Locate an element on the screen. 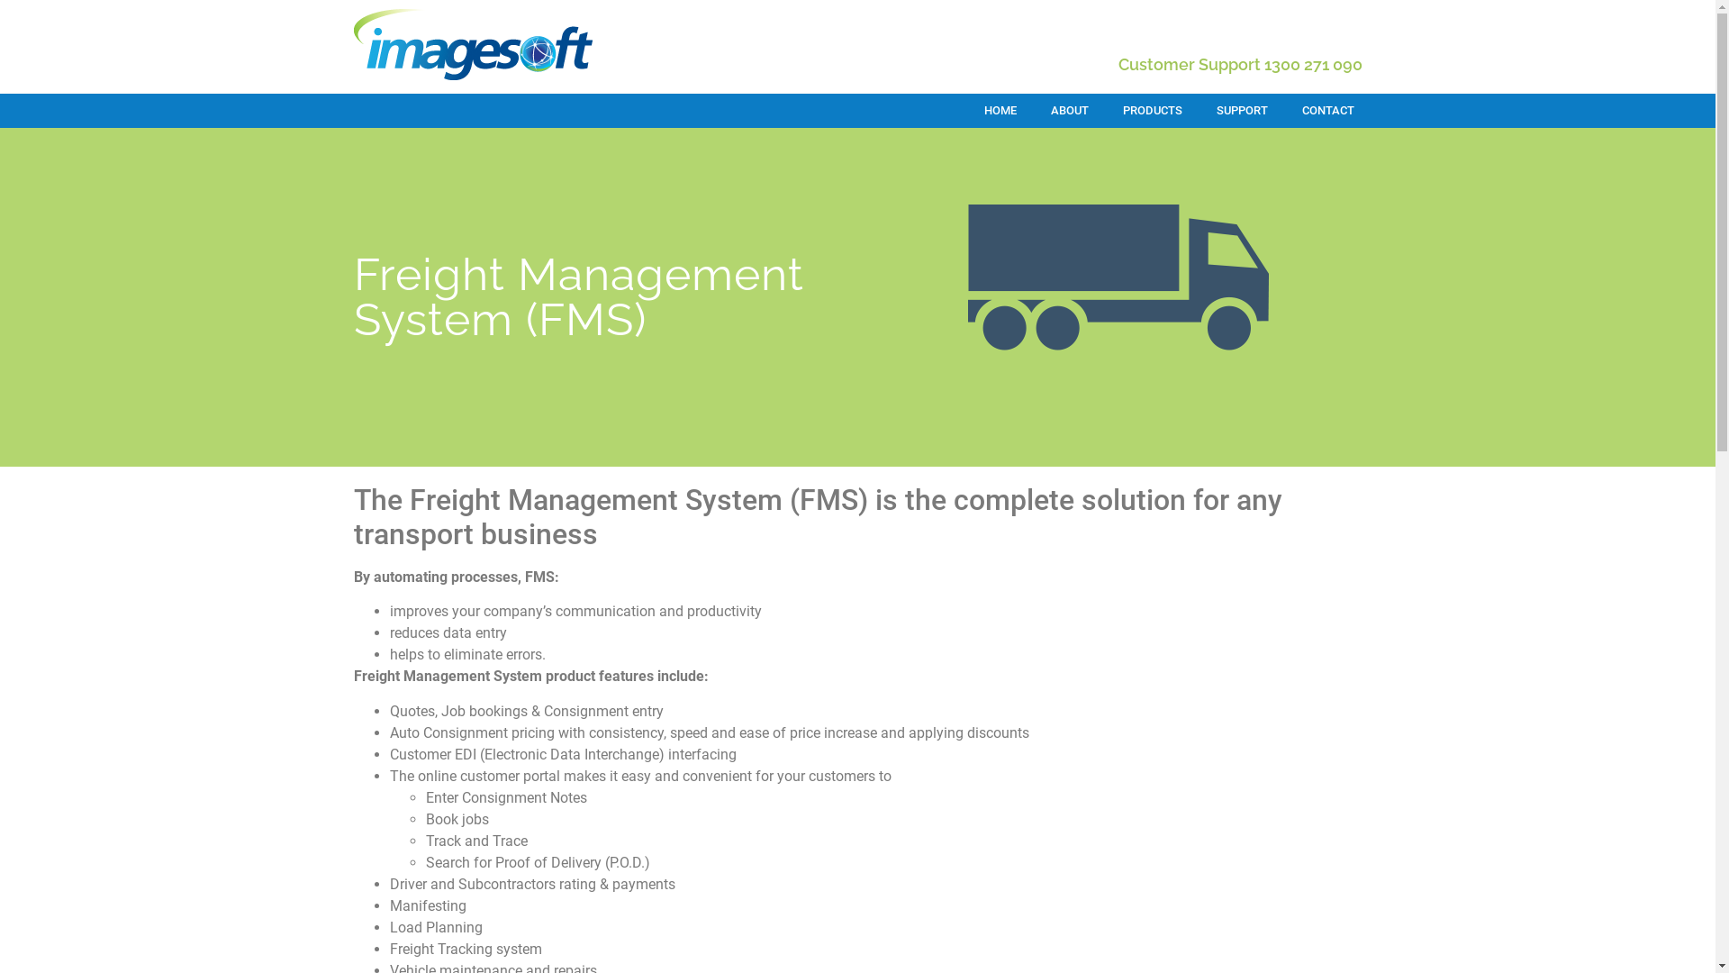 This screenshot has width=1729, height=973. 'CONTACT' is located at coordinates (1282, 111).